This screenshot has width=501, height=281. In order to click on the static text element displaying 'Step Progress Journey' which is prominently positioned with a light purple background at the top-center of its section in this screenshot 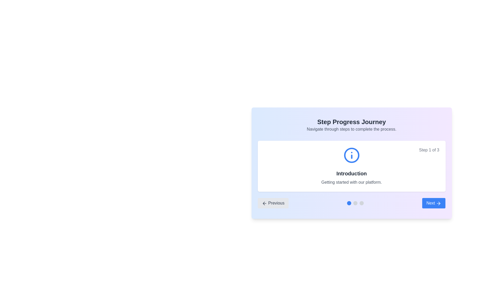, I will do `click(351, 122)`.